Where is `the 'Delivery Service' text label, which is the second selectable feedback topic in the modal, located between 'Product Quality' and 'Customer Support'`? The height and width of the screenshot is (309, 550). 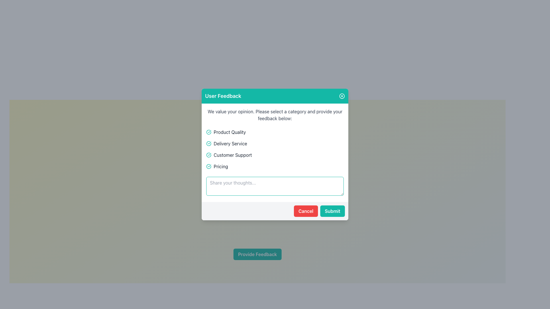 the 'Delivery Service' text label, which is the second selectable feedback topic in the modal, located between 'Product Quality' and 'Customer Support' is located at coordinates (230, 143).